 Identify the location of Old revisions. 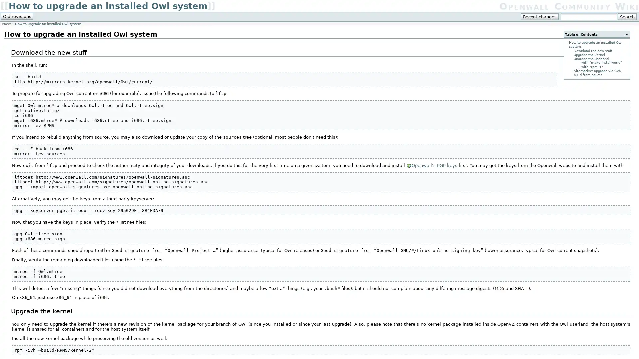
(17, 16).